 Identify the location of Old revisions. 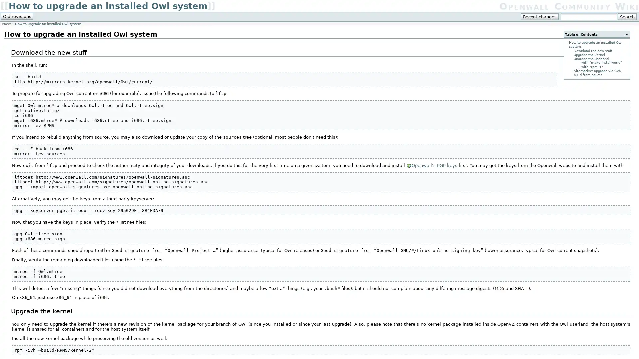
(17, 16).